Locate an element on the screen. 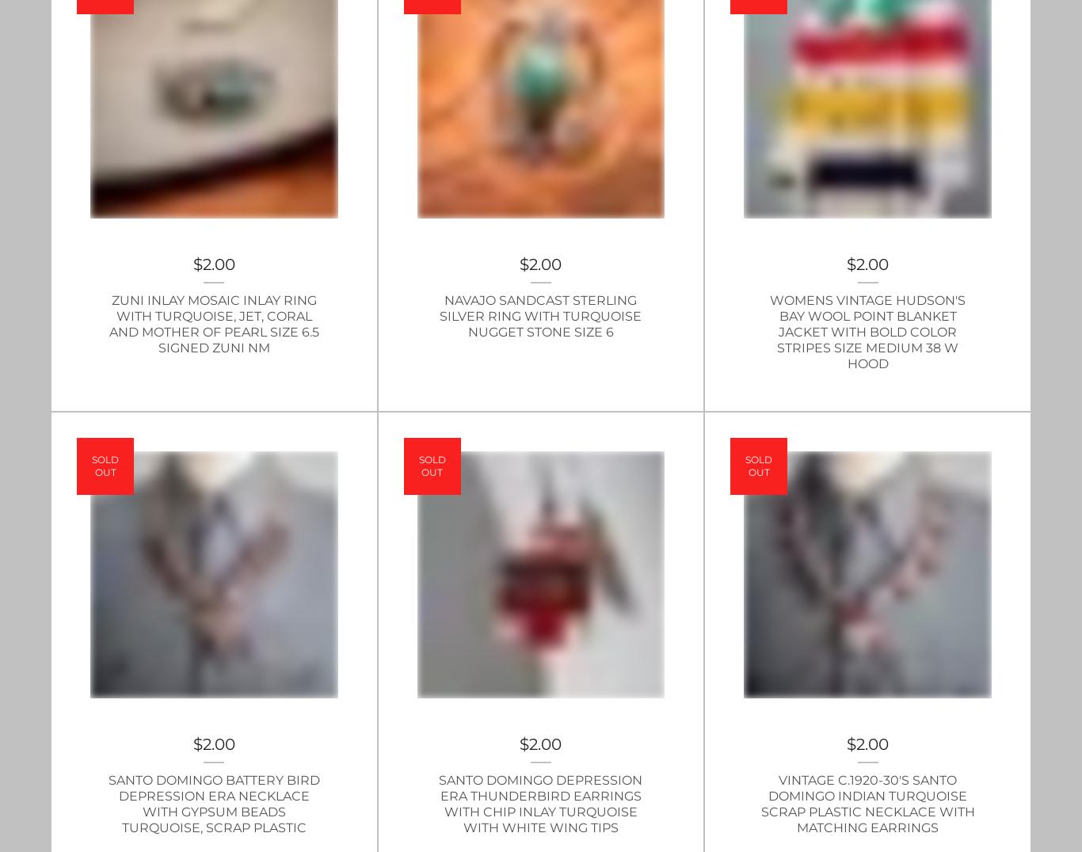 Image resolution: width=1082 pixels, height=852 pixels. 'Navajo Sandcast Sterling Silver Ring with Turquoise Nugget Stone Size 6' is located at coordinates (539, 314).